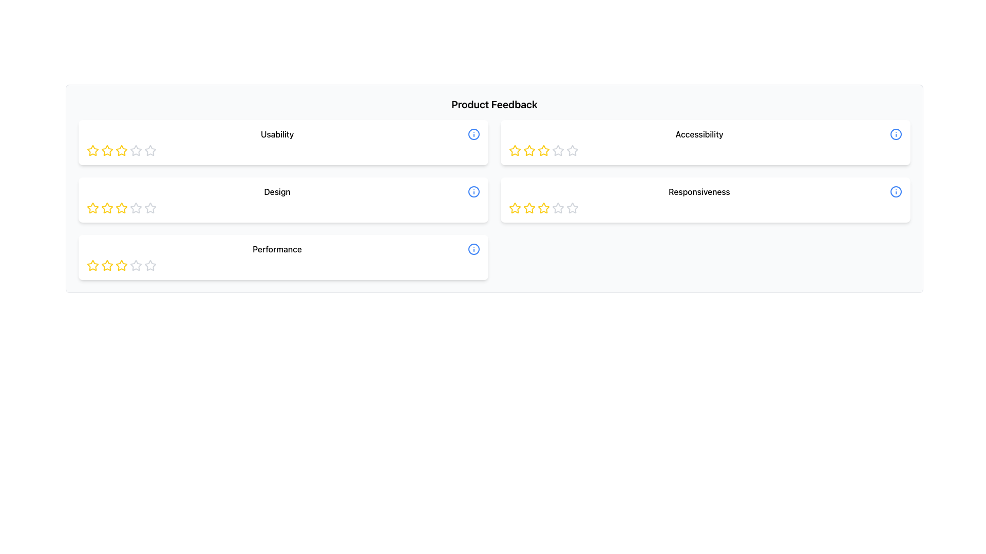 This screenshot has width=986, height=554. What do you see at coordinates (473, 249) in the screenshot?
I see `the informational icon located to the immediate right of the 'Performance' text in the last row of the feedback section` at bounding box center [473, 249].